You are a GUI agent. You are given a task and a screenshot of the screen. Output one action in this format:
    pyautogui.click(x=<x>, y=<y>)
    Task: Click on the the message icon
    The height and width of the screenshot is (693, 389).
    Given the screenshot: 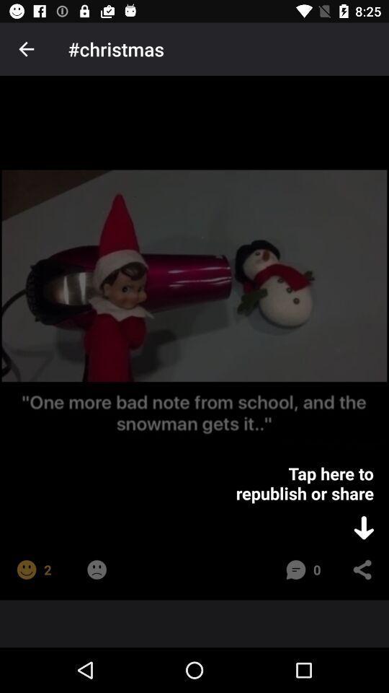 What is the action you would take?
    pyautogui.click(x=295, y=570)
    